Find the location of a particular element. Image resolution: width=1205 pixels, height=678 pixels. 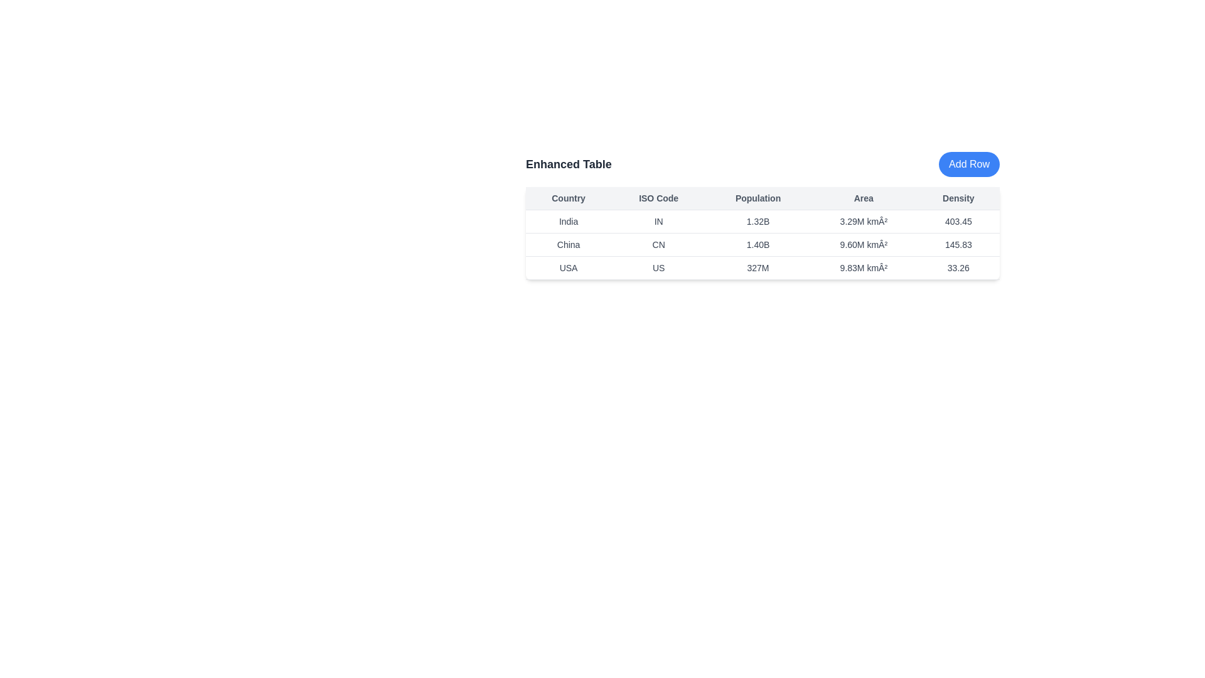

text displayed in the table cell of the 'Density' column showing '403.45' is located at coordinates (958, 221).